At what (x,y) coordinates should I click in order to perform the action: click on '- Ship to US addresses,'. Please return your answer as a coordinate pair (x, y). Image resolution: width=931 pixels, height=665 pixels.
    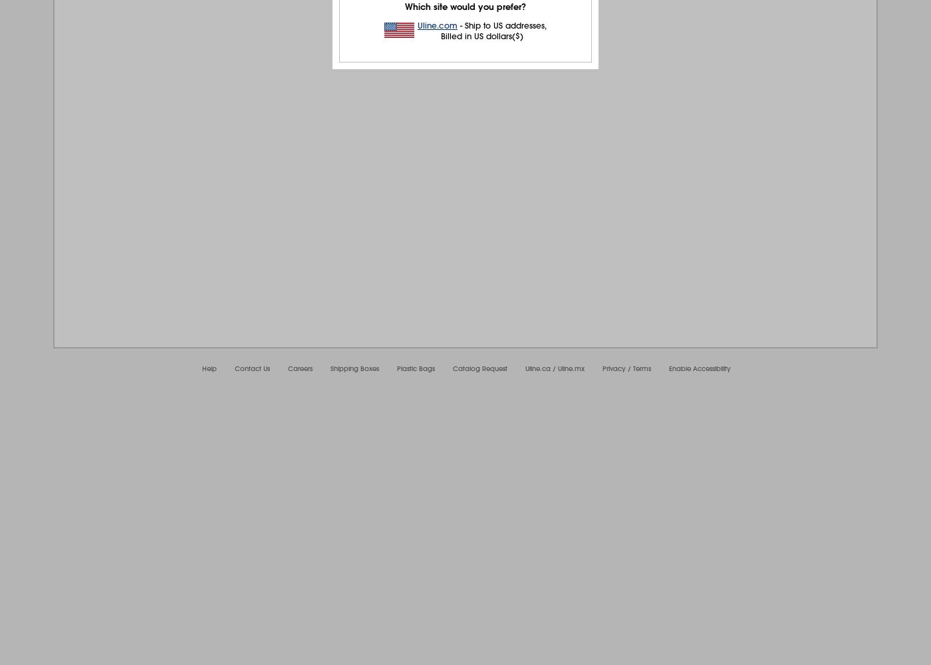
    Looking at the image, I should click on (502, 25).